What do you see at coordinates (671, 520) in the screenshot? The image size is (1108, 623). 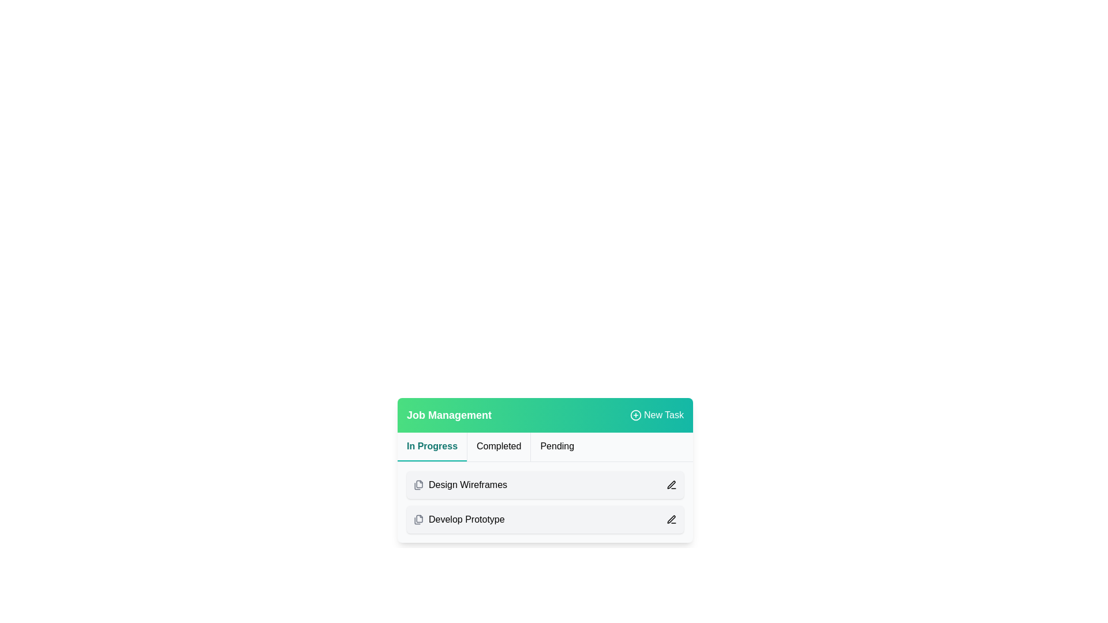 I see `the edit icon located at the far-right corner of the row labeled 'Develop Prototype' in the task management interface to modify the task's details` at bounding box center [671, 520].